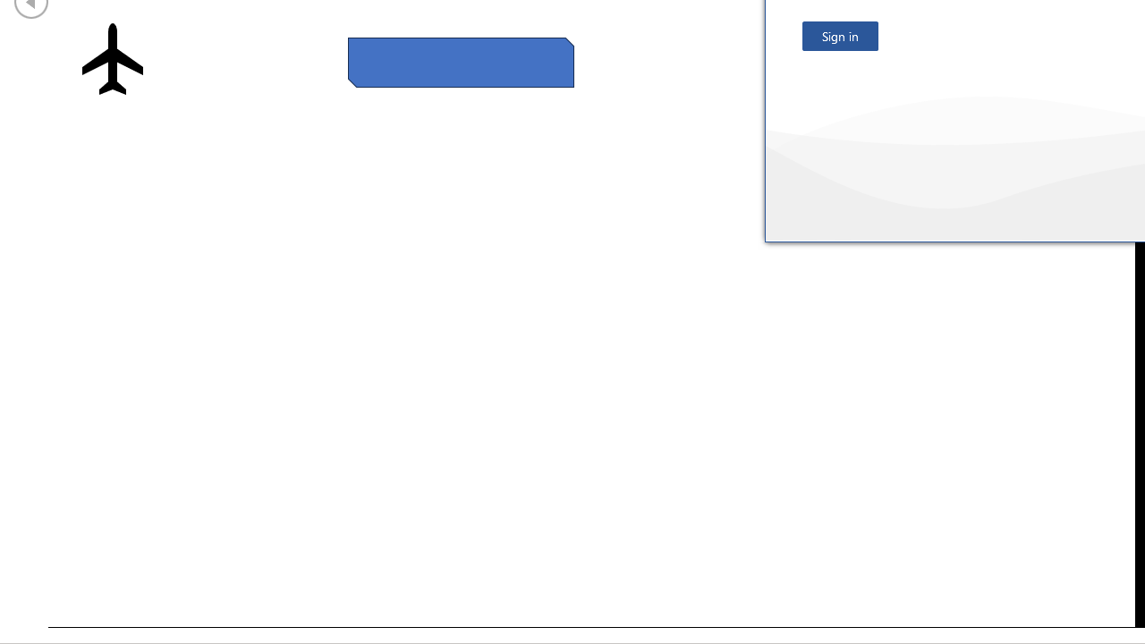 The height and width of the screenshot is (644, 1145). I want to click on 'Sign in', so click(839, 36).